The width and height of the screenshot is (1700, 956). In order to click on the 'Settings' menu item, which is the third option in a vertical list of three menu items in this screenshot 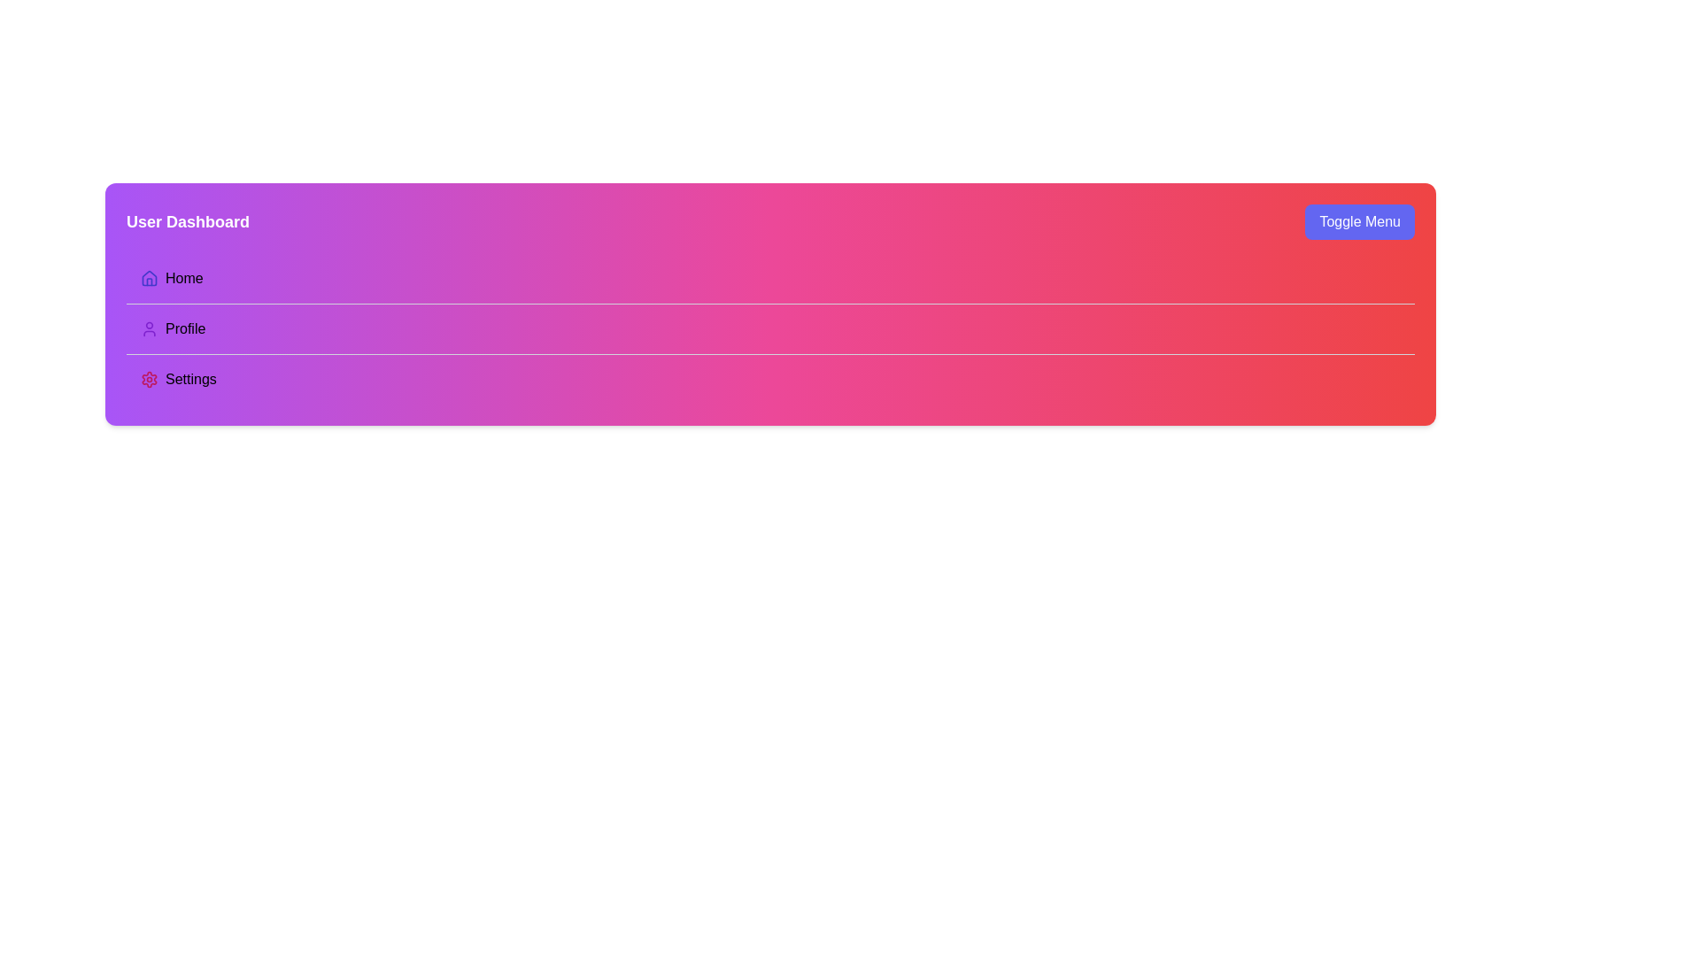, I will do `click(770, 378)`.